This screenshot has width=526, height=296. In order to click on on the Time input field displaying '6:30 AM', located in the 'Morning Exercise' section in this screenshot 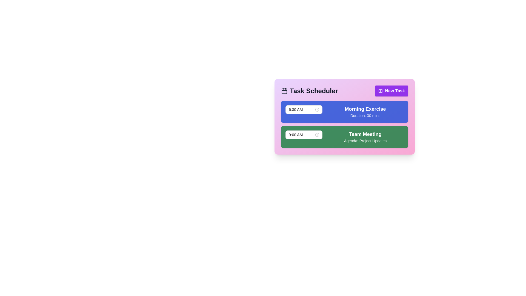, I will do `click(304, 110)`.